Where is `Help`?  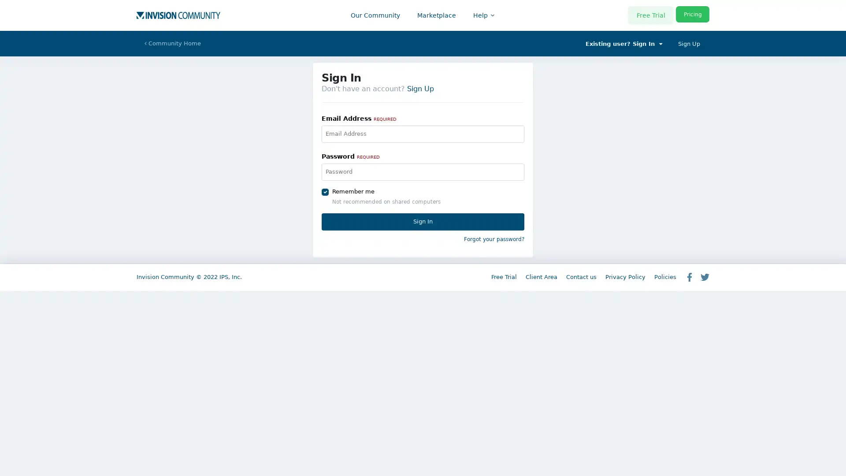
Help is located at coordinates (481, 15).